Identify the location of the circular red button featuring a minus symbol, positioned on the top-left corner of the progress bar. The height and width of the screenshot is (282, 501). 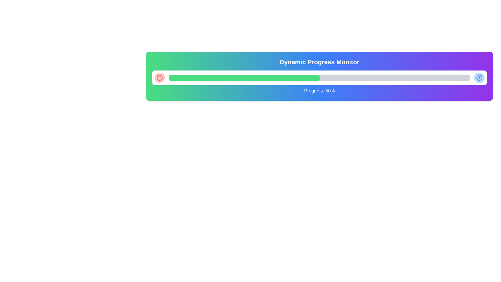
(159, 78).